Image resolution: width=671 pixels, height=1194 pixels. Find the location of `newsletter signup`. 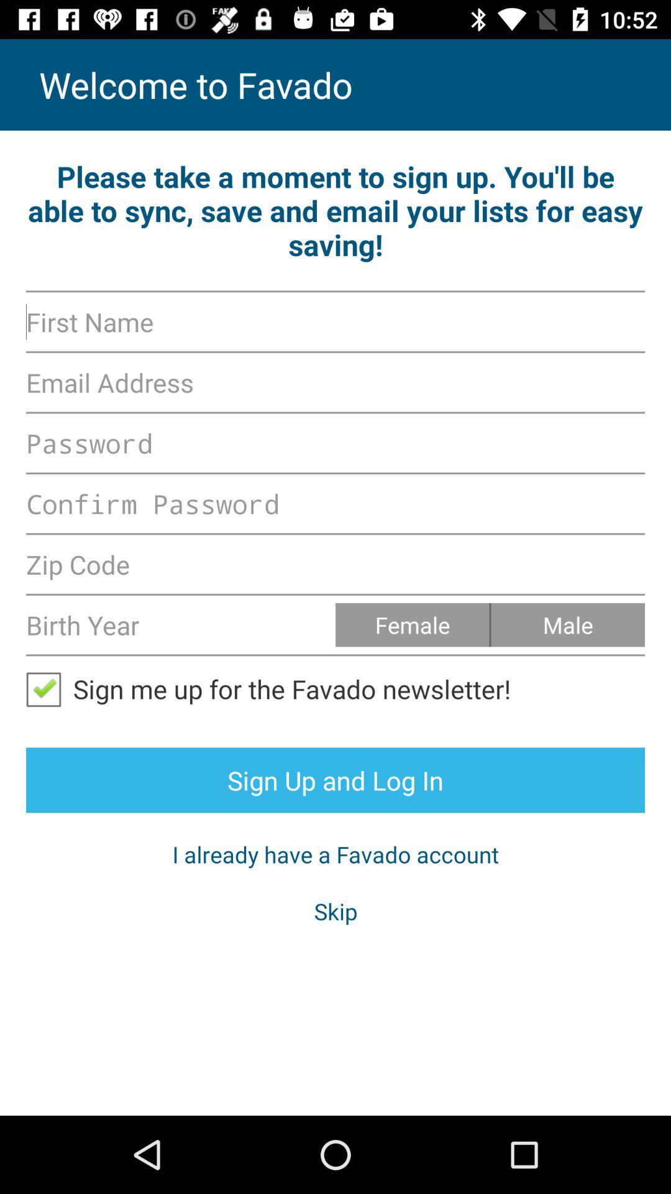

newsletter signup is located at coordinates (48, 688).